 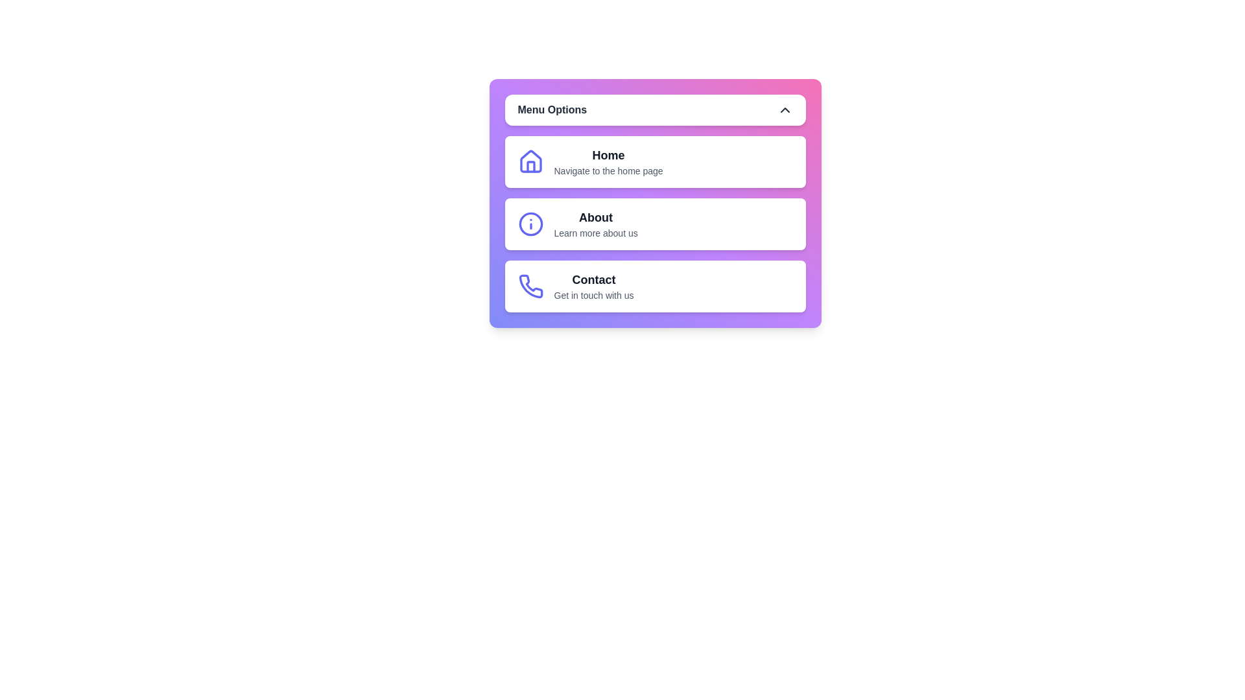 I want to click on the menu item About from the menu, so click(x=655, y=224).